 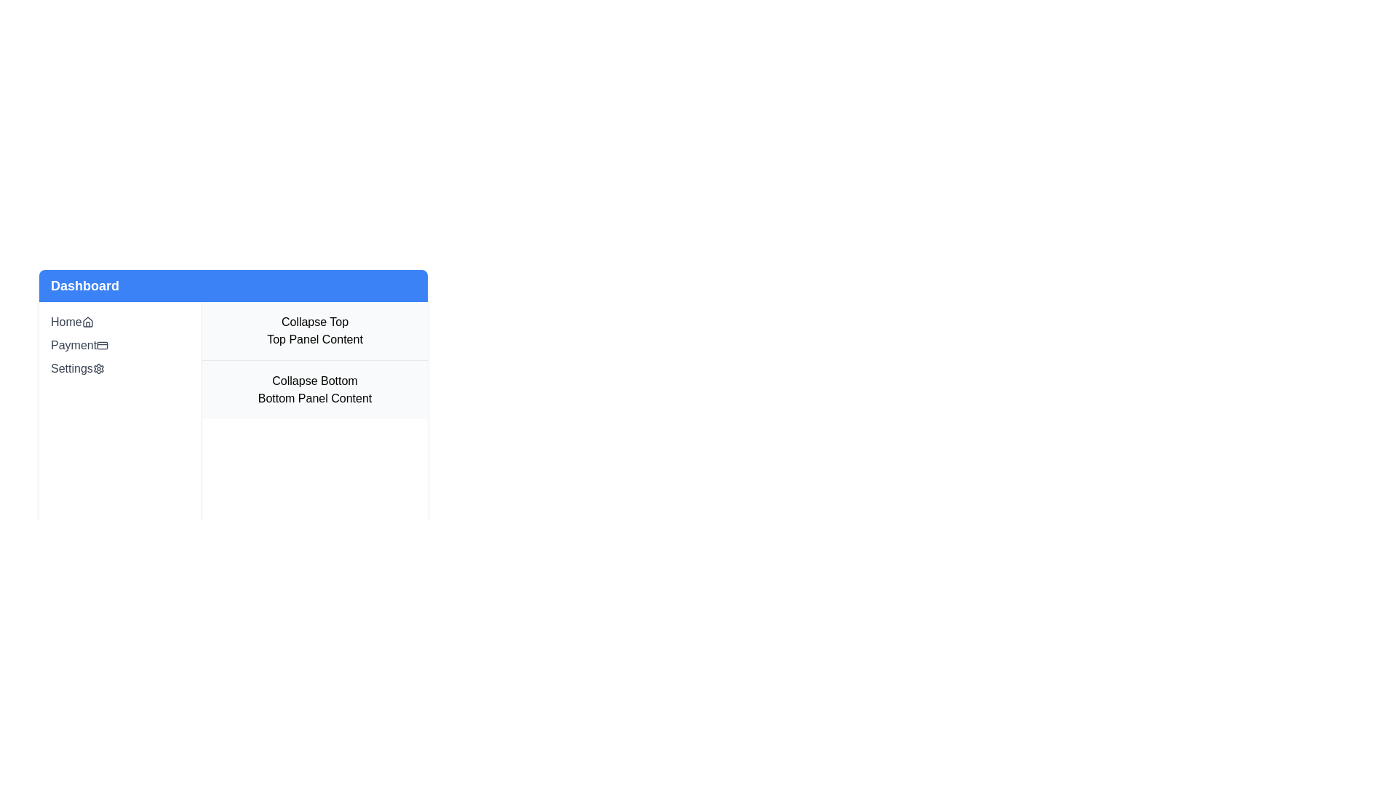 What do you see at coordinates (87, 321) in the screenshot?
I see `the 'Home' navigation icon located at the top of the left sidebar, which visually represents the main page link` at bounding box center [87, 321].